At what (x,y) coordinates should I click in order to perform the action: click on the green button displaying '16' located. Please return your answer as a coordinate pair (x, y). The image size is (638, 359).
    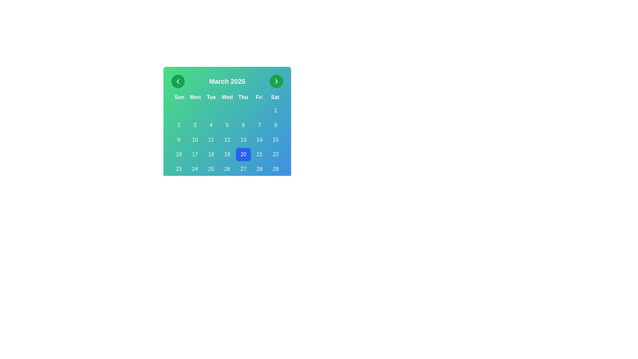
    Looking at the image, I should click on (179, 155).